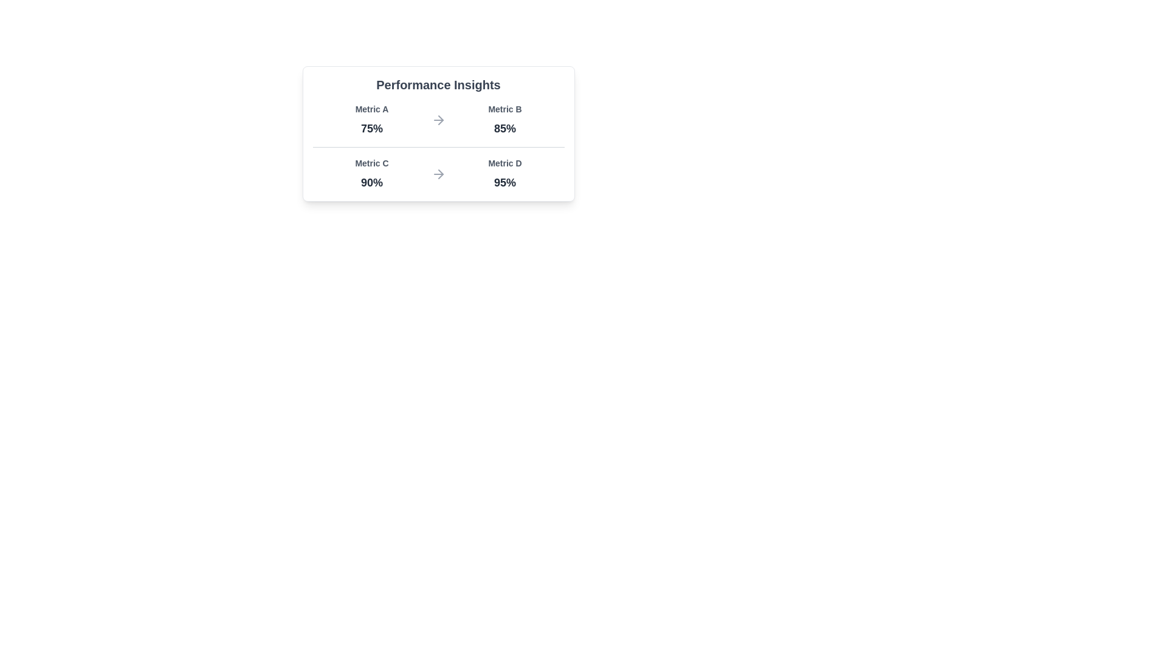  Describe the element at coordinates (438, 146) in the screenshot. I see `the performance metrics displayed in the 'Performance Insights' card` at that location.